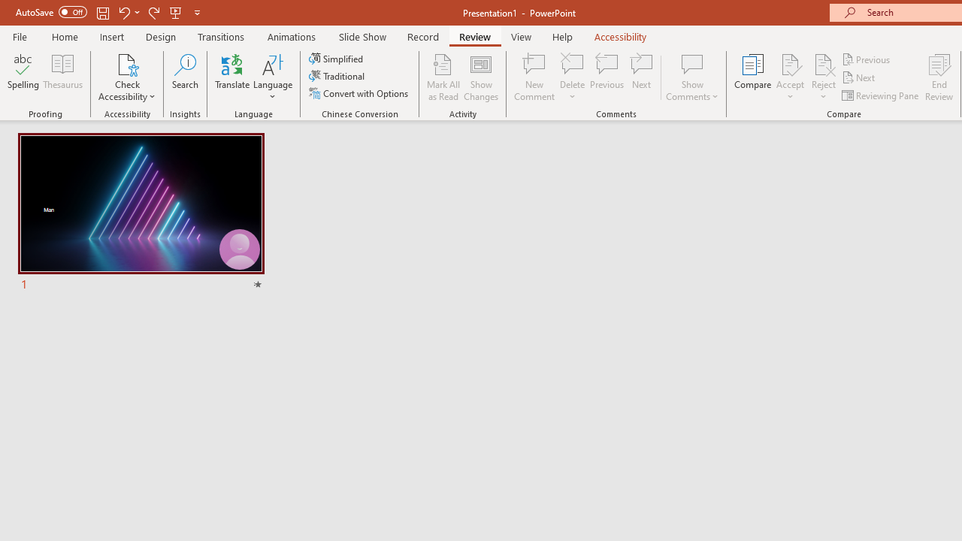 This screenshot has width=962, height=541. Describe the element at coordinates (443, 77) in the screenshot. I see `'Mark All as Read'` at that location.